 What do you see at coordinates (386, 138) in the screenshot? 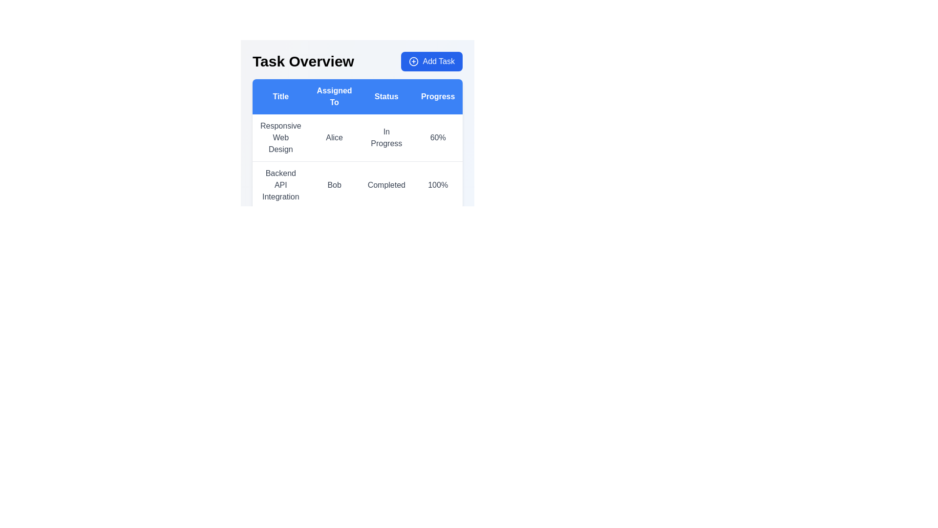
I see `the static text label indicating the current status of the task, located under the 'Status' column in the tabular layout, next to 'Responsive Web Design' and '60%'` at bounding box center [386, 138].